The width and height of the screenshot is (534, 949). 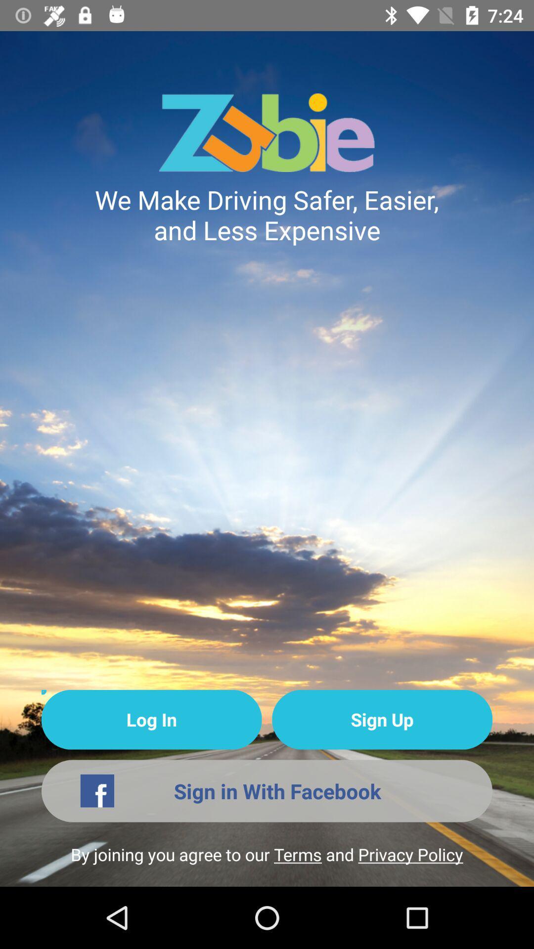 What do you see at coordinates (151, 720) in the screenshot?
I see `the icon below we make driving item` at bounding box center [151, 720].